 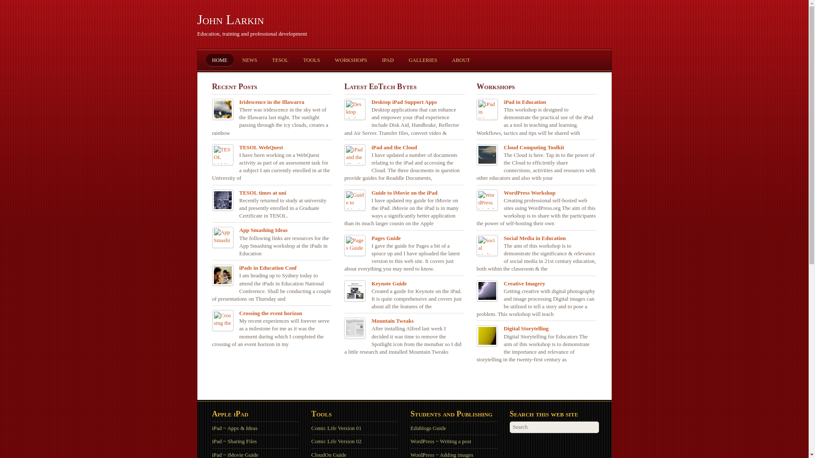 I want to click on 'Digital Storytelling', so click(x=526, y=328).